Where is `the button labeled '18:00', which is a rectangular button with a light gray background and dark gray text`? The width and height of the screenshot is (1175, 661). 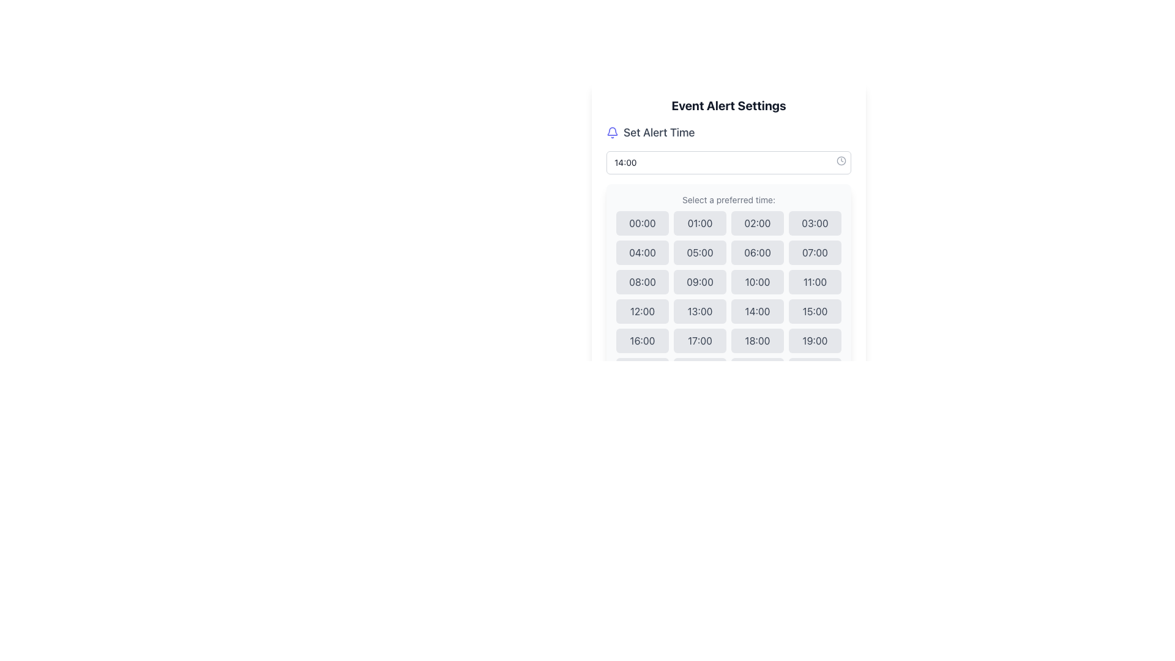
the button labeled '18:00', which is a rectangular button with a light gray background and dark gray text is located at coordinates (757, 340).